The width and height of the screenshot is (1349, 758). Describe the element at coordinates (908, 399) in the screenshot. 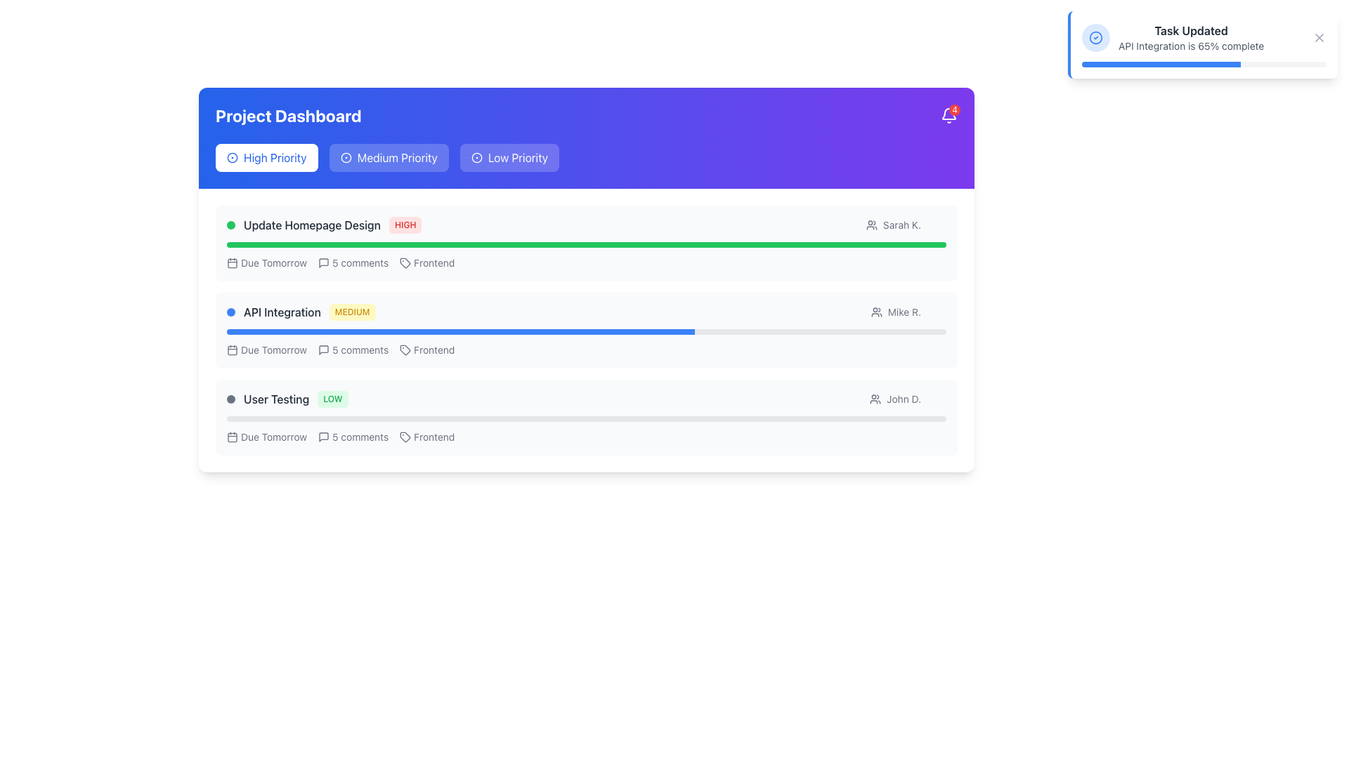

I see `the static text label indicating the user associated with the 'User Testing' task, which is located at the far-right end of the third row in a vertical list of tasks` at that location.